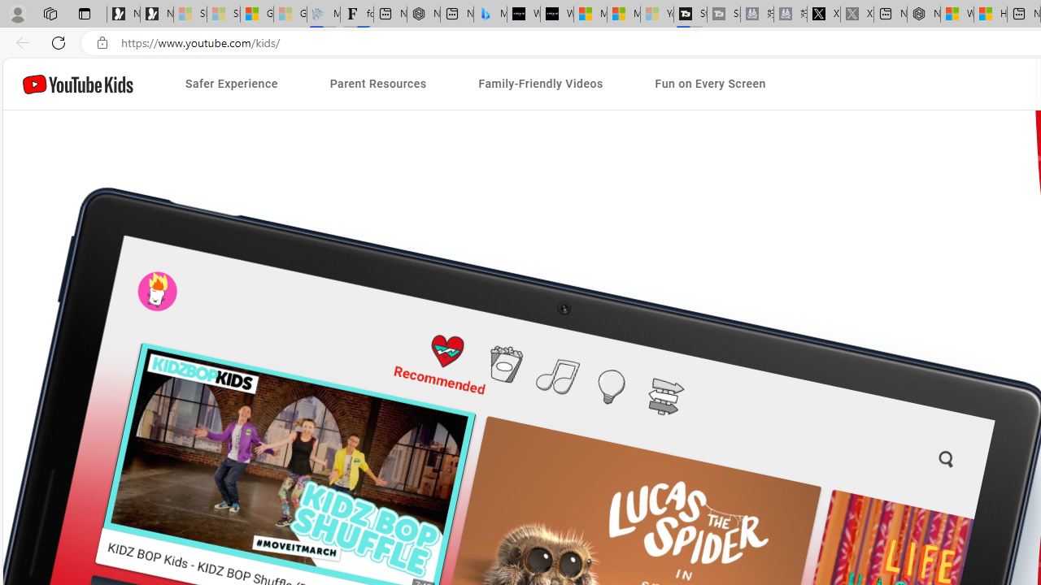 This screenshot has height=585, width=1041. What do you see at coordinates (77, 84) in the screenshot?
I see `'YouTube Kids'` at bounding box center [77, 84].